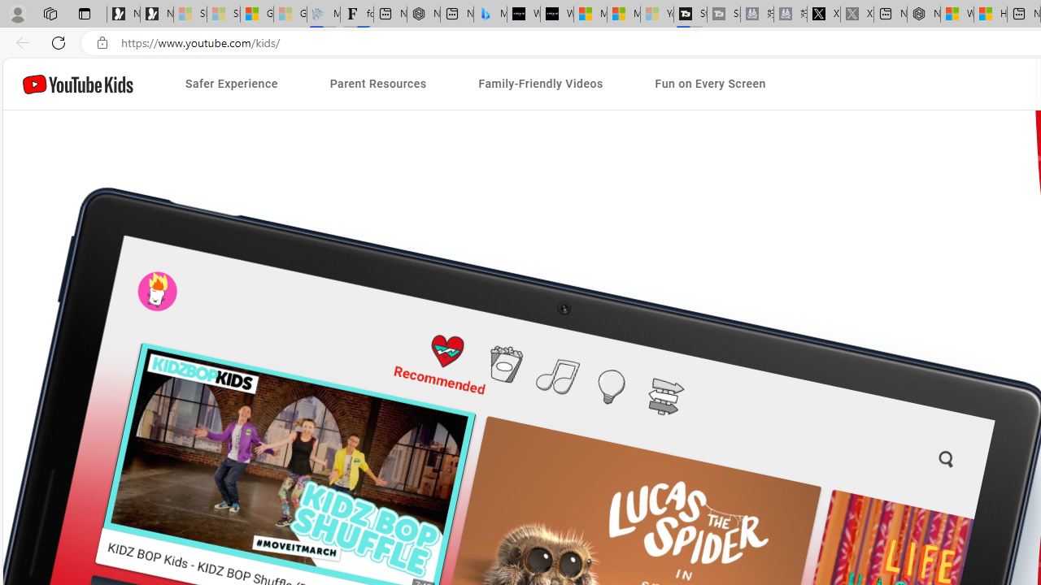 This screenshot has height=585, width=1041. What do you see at coordinates (77, 84) in the screenshot?
I see `'YouTube Kids'` at bounding box center [77, 84].